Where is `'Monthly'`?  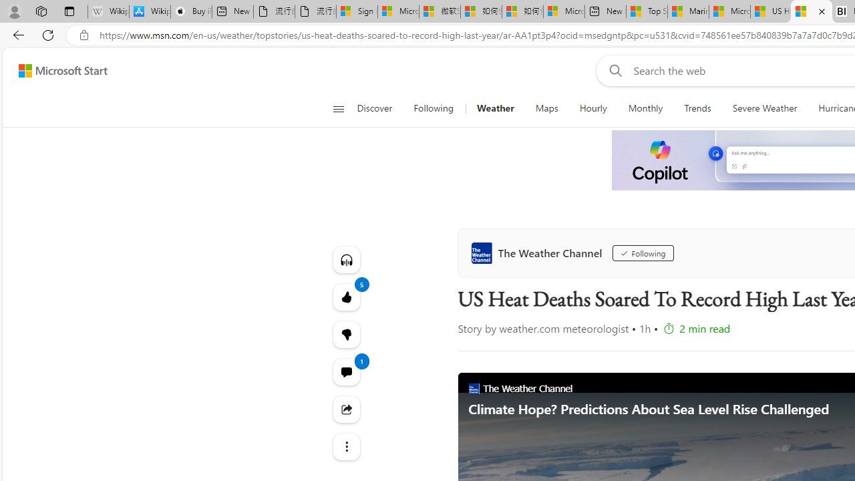
'Monthly' is located at coordinates (645, 108).